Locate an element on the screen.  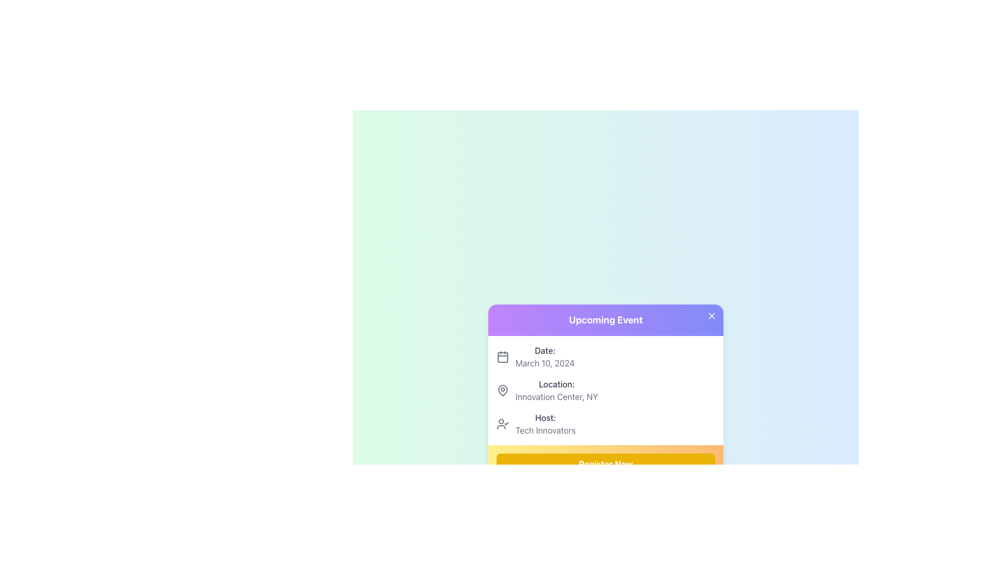
the Text label displaying 'Host:' which is styled in block font with medium weight and gray color, positioned in the upper part of the event information card above 'Tech Innovators' is located at coordinates (545, 417).